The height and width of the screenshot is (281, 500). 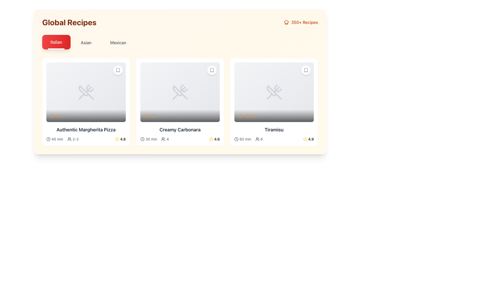 I want to click on the spiciness indicator icon located in the bottom-left corner of the second card in a horizontally arranged list of three cards, so click(x=146, y=115).